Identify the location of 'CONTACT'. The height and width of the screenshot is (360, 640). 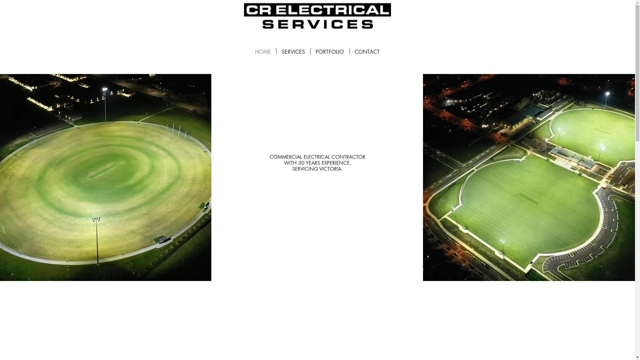
(366, 51).